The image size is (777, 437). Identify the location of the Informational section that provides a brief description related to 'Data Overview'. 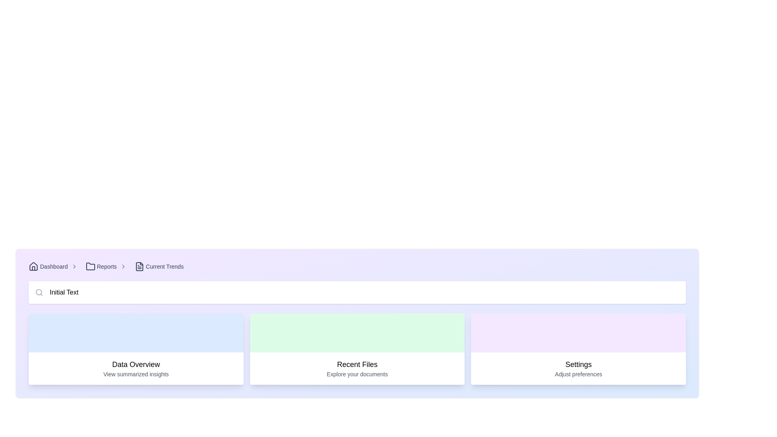
(136, 368).